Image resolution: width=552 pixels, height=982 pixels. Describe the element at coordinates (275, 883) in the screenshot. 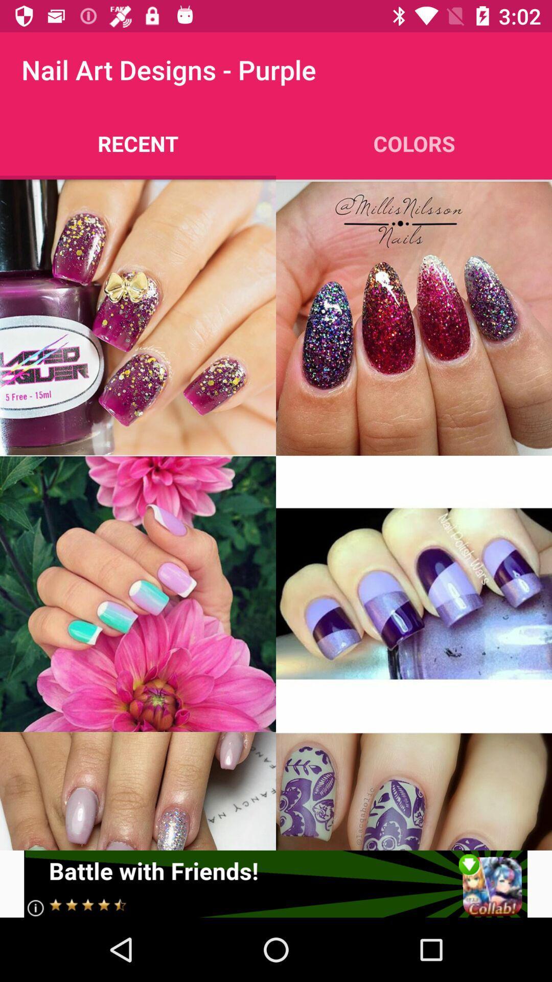

I see `advertising` at that location.